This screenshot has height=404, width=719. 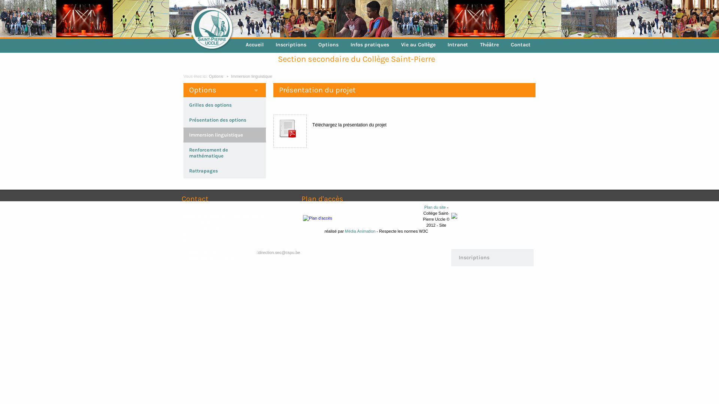 I want to click on 'Intranet', so click(x=457, y=45).